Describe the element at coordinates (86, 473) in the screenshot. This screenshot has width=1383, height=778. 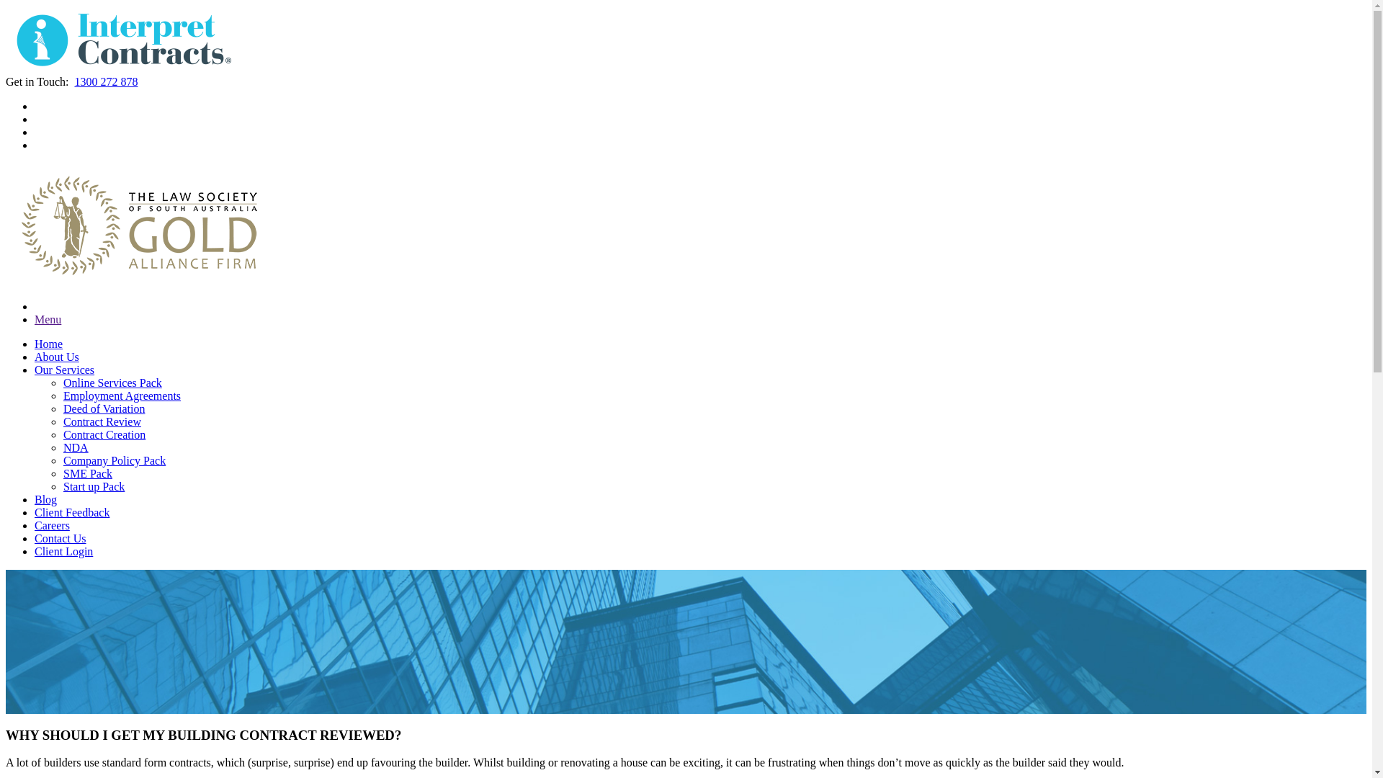
I see `'SME Pack'` at that location.